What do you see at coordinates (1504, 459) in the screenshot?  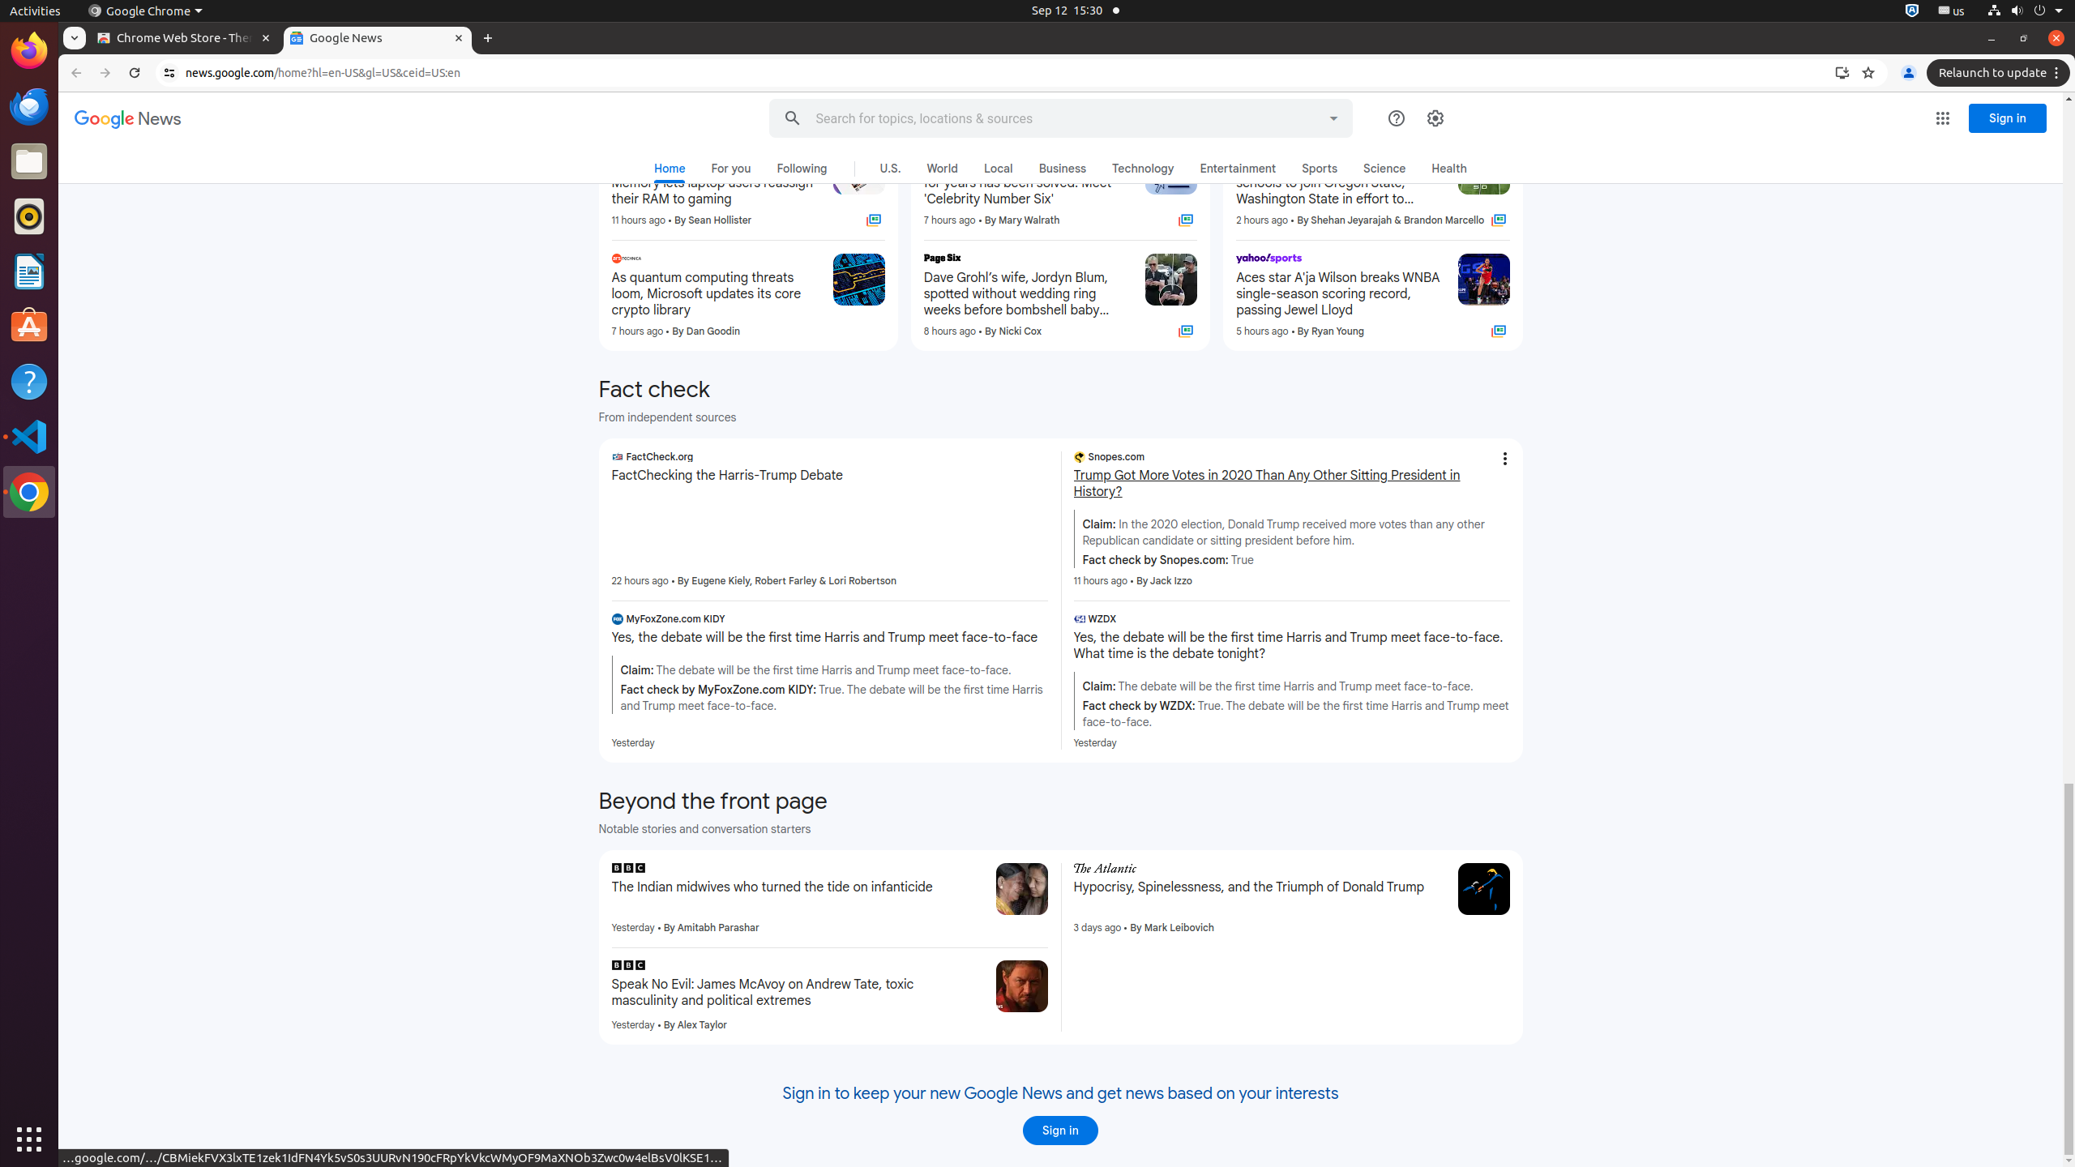 I see `'More - Trump Got More Votes in 2020 Than Any Other Sitting President in History?'` at bounding box center [1504, 459].